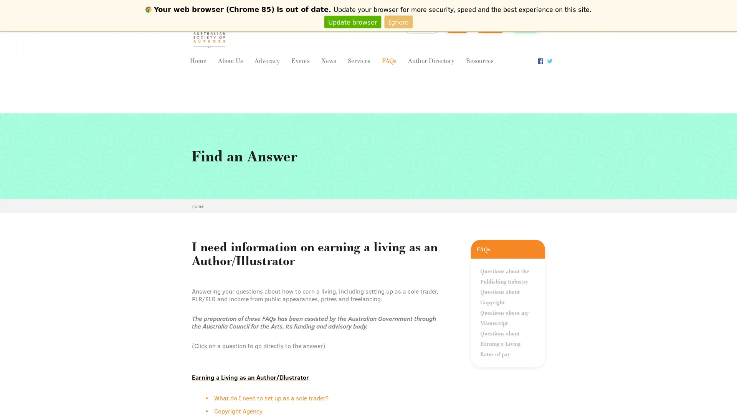 Image resolution: width=737 pixels, height=415 pixels. What do you see at coordinates (398, 21) in the screenshot?
I see `Ignore` at bounding box center [398, 21].